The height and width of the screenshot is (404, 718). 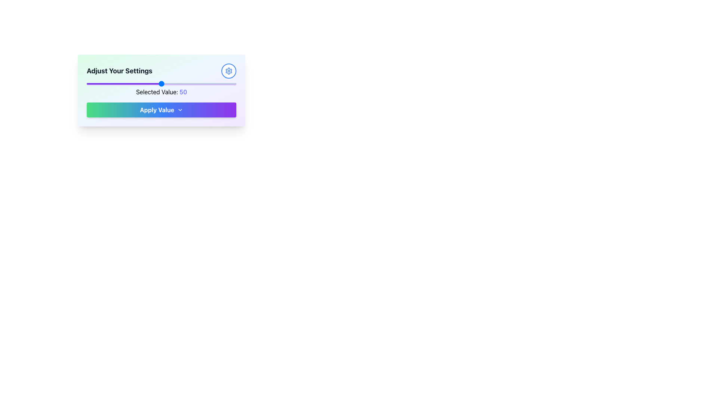 I want to click on the 'Apply Value' button with a gradient background and white text, so click(x=161, y=110).